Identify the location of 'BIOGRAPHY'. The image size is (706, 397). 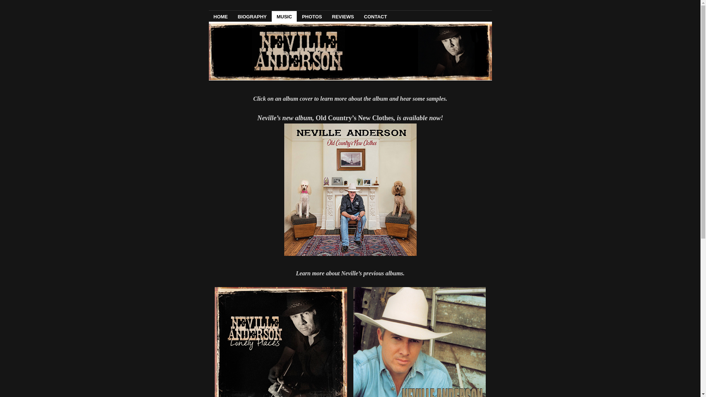
(252, 16).